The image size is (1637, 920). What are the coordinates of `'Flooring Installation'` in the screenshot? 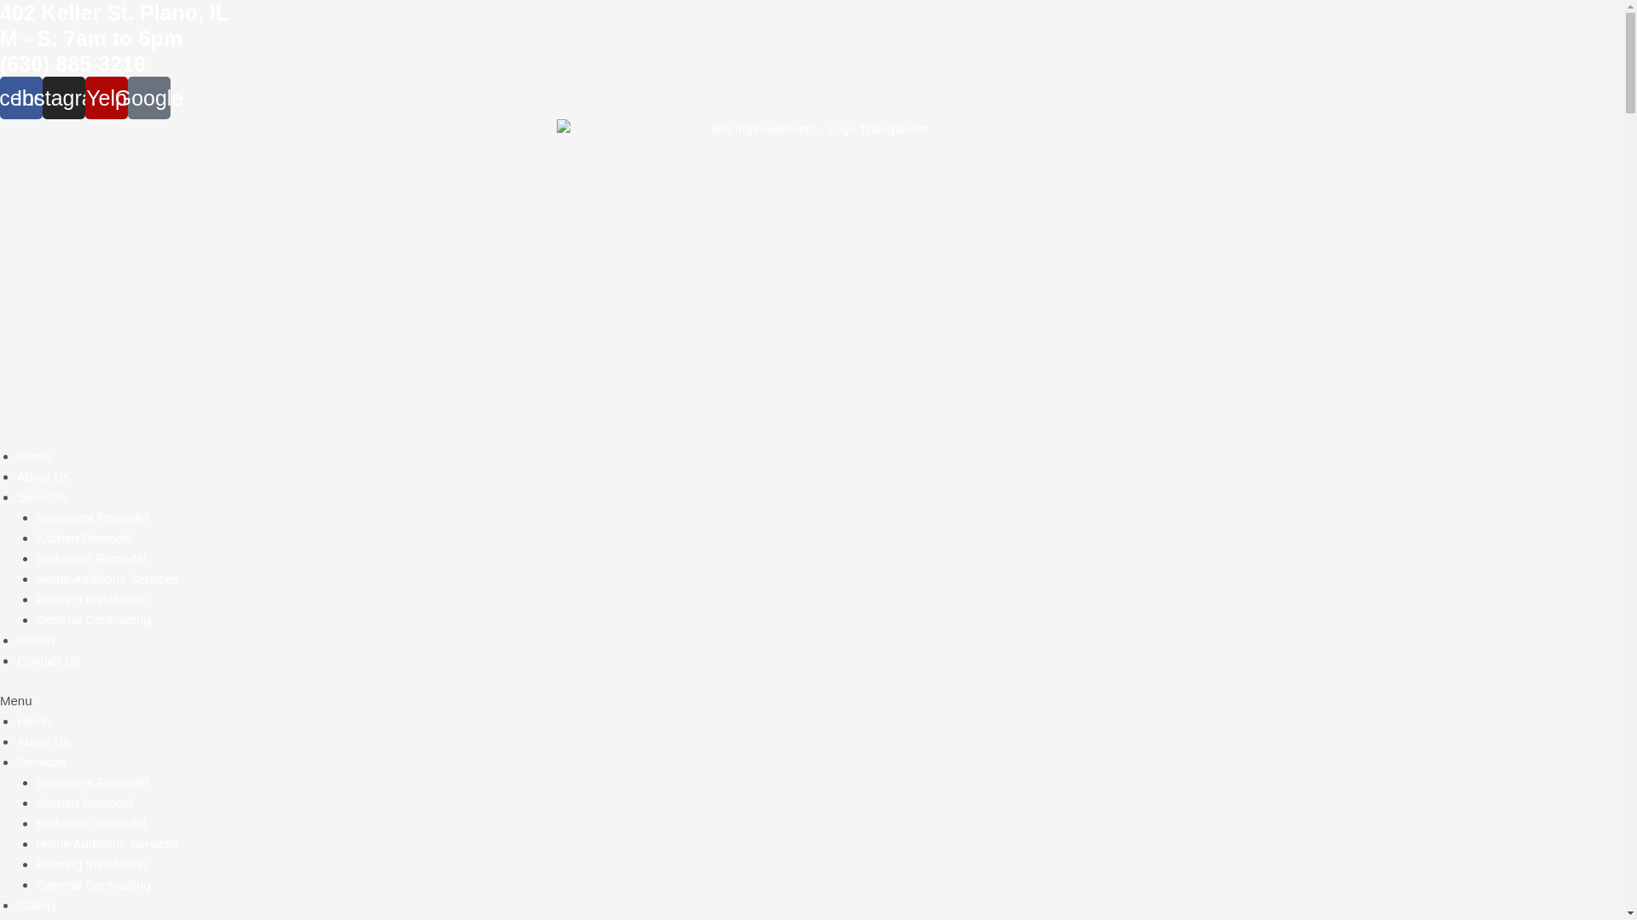 It's located at (90, 864).